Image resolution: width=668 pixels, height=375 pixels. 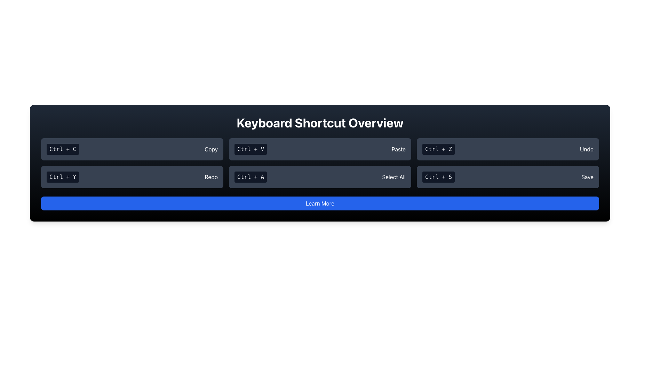 I want to click on the third keyboard shortcut descriptor item with a dark gray background and a keyboard shortcut description for 'Undo', so click(x=508, y=149).